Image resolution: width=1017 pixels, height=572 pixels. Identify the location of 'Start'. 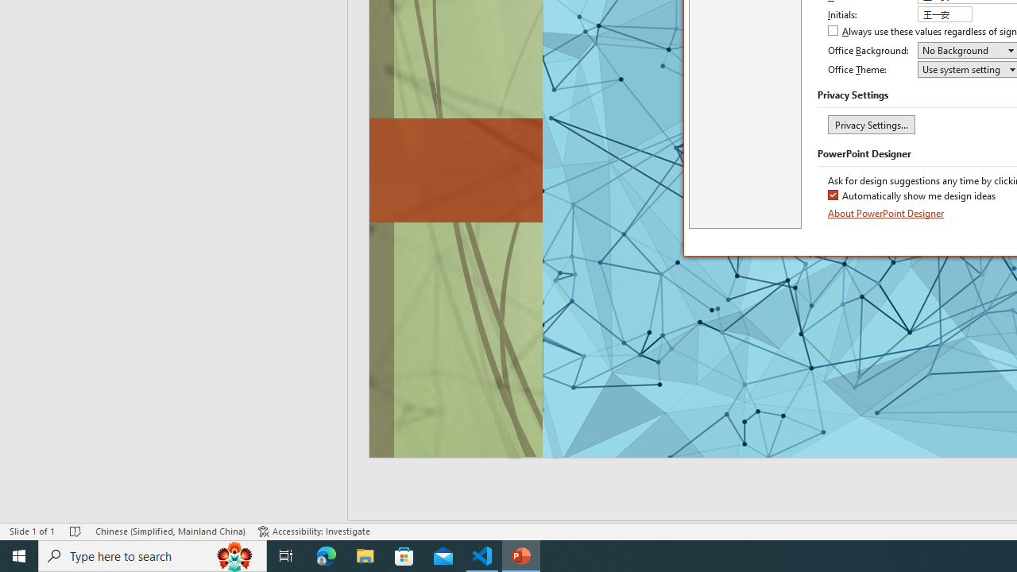
(19, 555).